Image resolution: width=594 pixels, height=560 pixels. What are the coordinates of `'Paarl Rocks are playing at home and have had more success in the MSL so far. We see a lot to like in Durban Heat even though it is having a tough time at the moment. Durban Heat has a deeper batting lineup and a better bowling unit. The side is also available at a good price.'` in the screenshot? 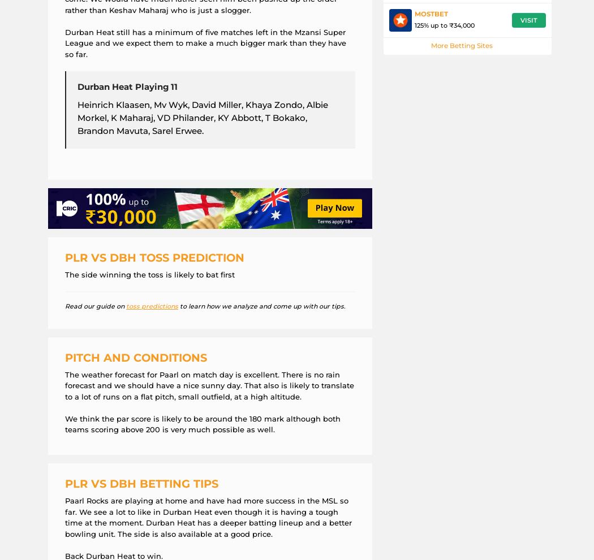 It's located at (64, 516).